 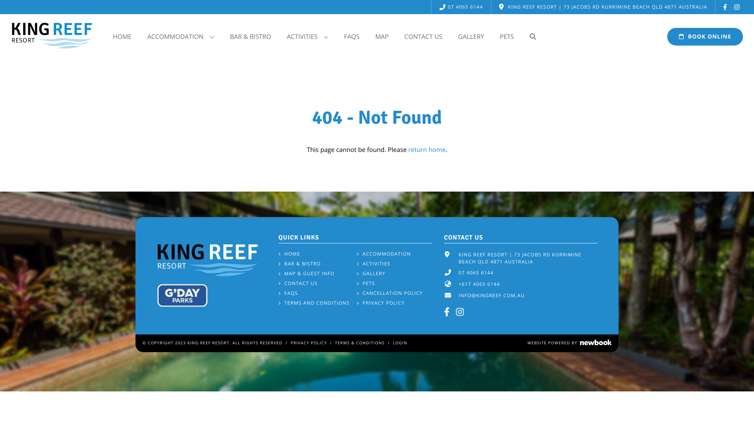 I want to click on 'BOOK ONLINE', so click(x=705, y=37).